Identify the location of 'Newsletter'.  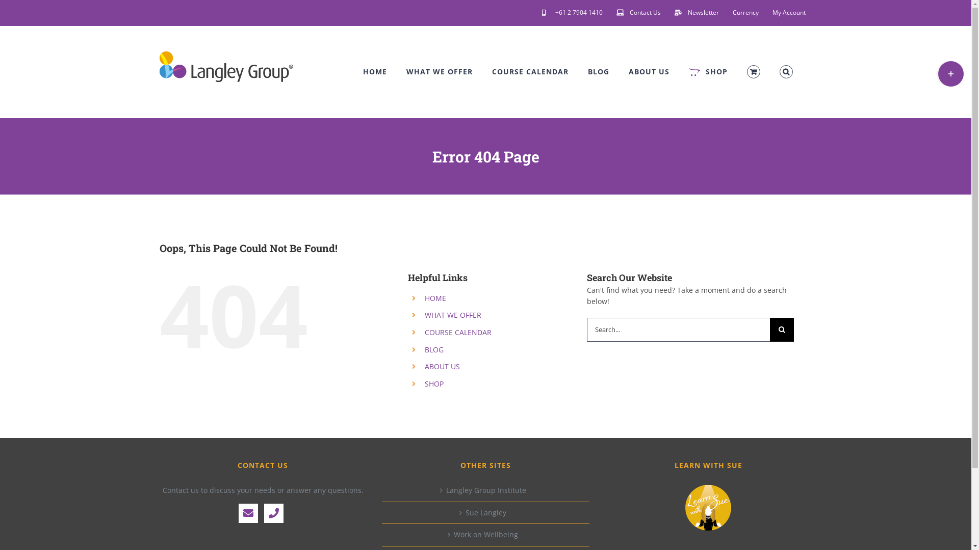
(696, 12).